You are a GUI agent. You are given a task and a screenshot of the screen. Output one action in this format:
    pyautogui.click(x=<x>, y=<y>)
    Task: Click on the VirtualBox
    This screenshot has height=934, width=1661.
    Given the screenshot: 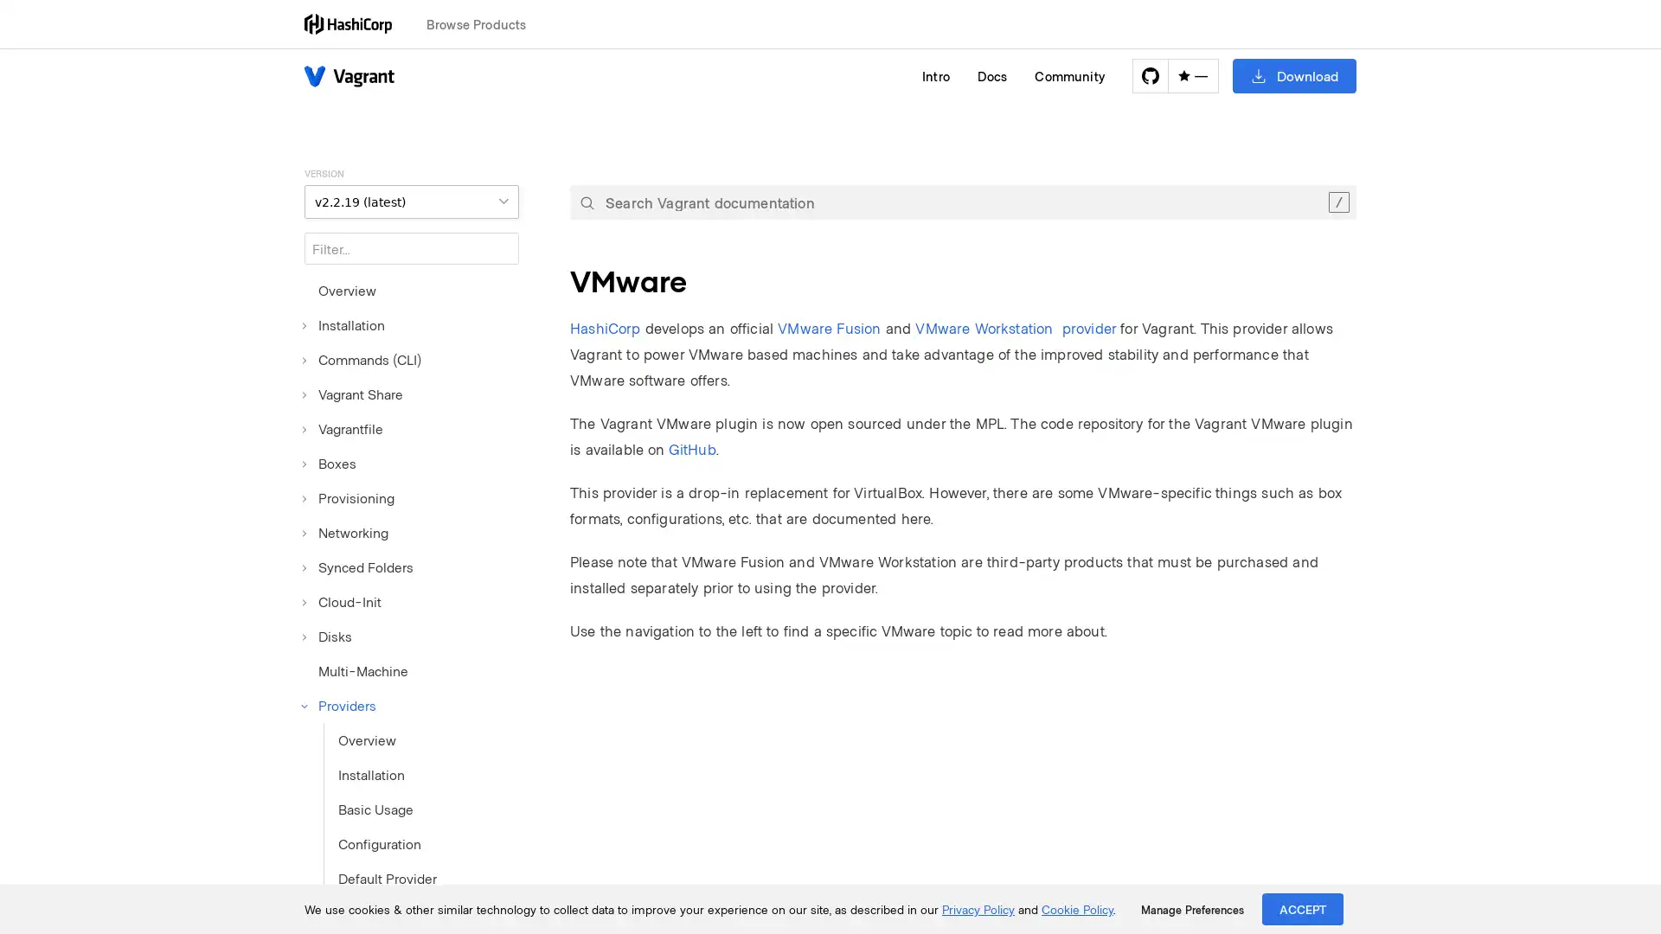 What is the action you would take?
    pyautogui.click(x=360, y=912)
    